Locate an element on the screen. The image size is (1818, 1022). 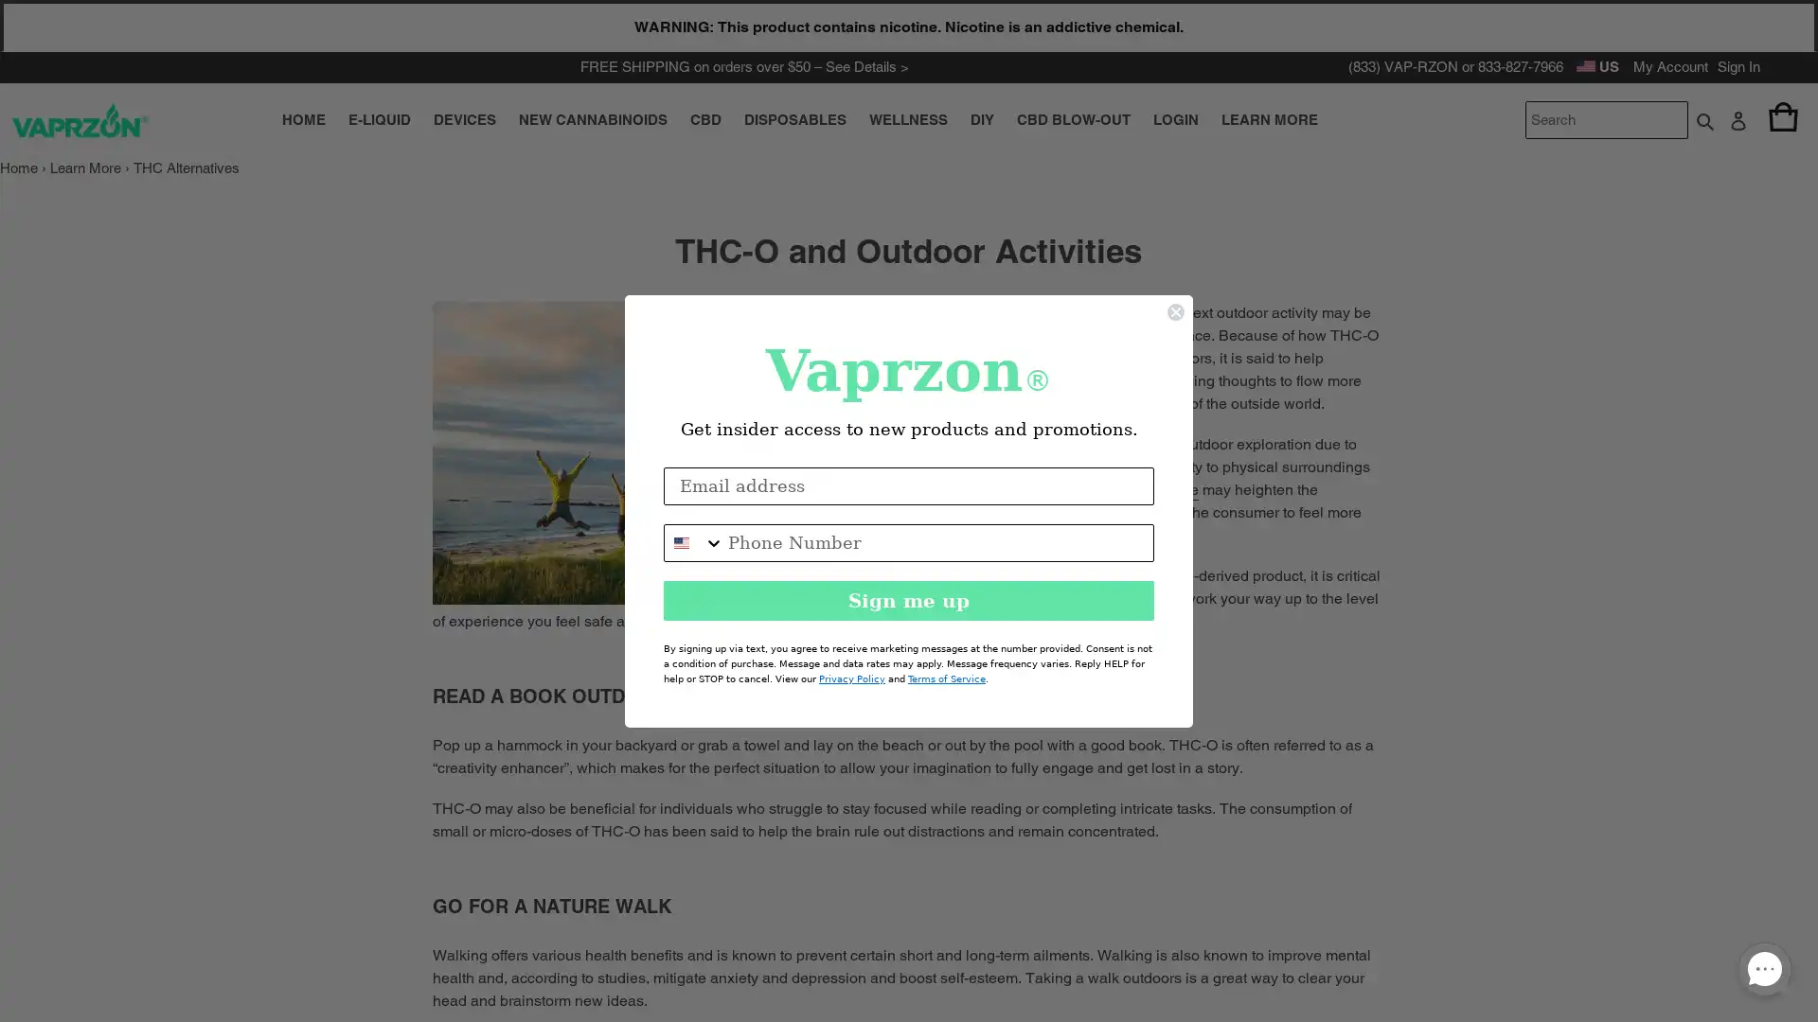
Close form is located at coordinates (1175, 309).